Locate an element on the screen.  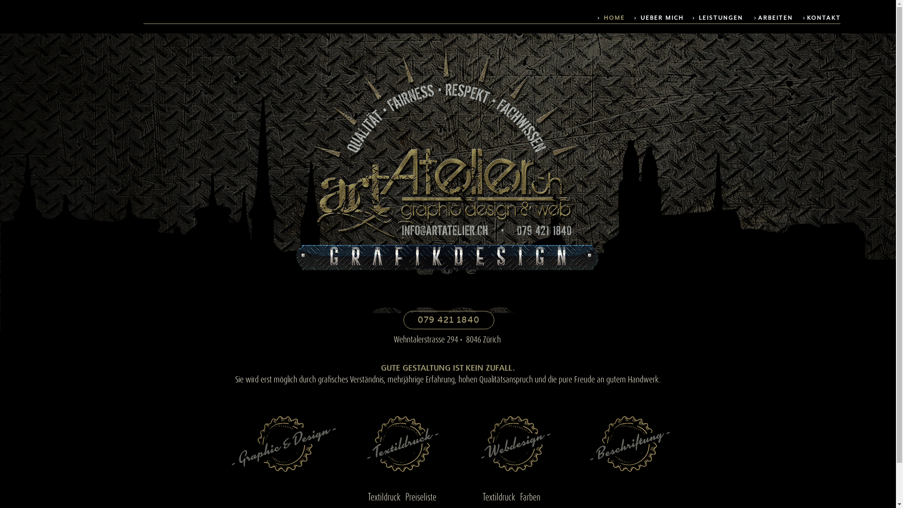
'  HOME' is located at coordinates (597, 17).